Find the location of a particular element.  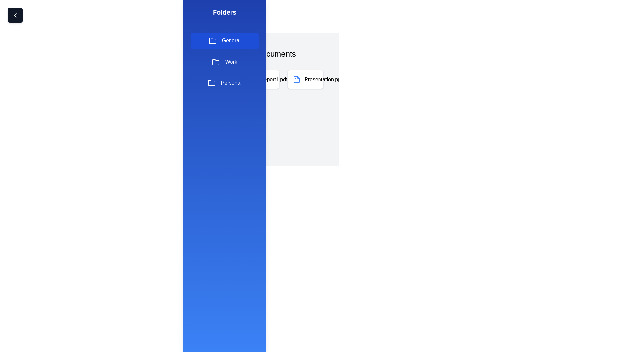

the 'Work' folder icon in the sidebar menu is located at coordinates (216, 62).